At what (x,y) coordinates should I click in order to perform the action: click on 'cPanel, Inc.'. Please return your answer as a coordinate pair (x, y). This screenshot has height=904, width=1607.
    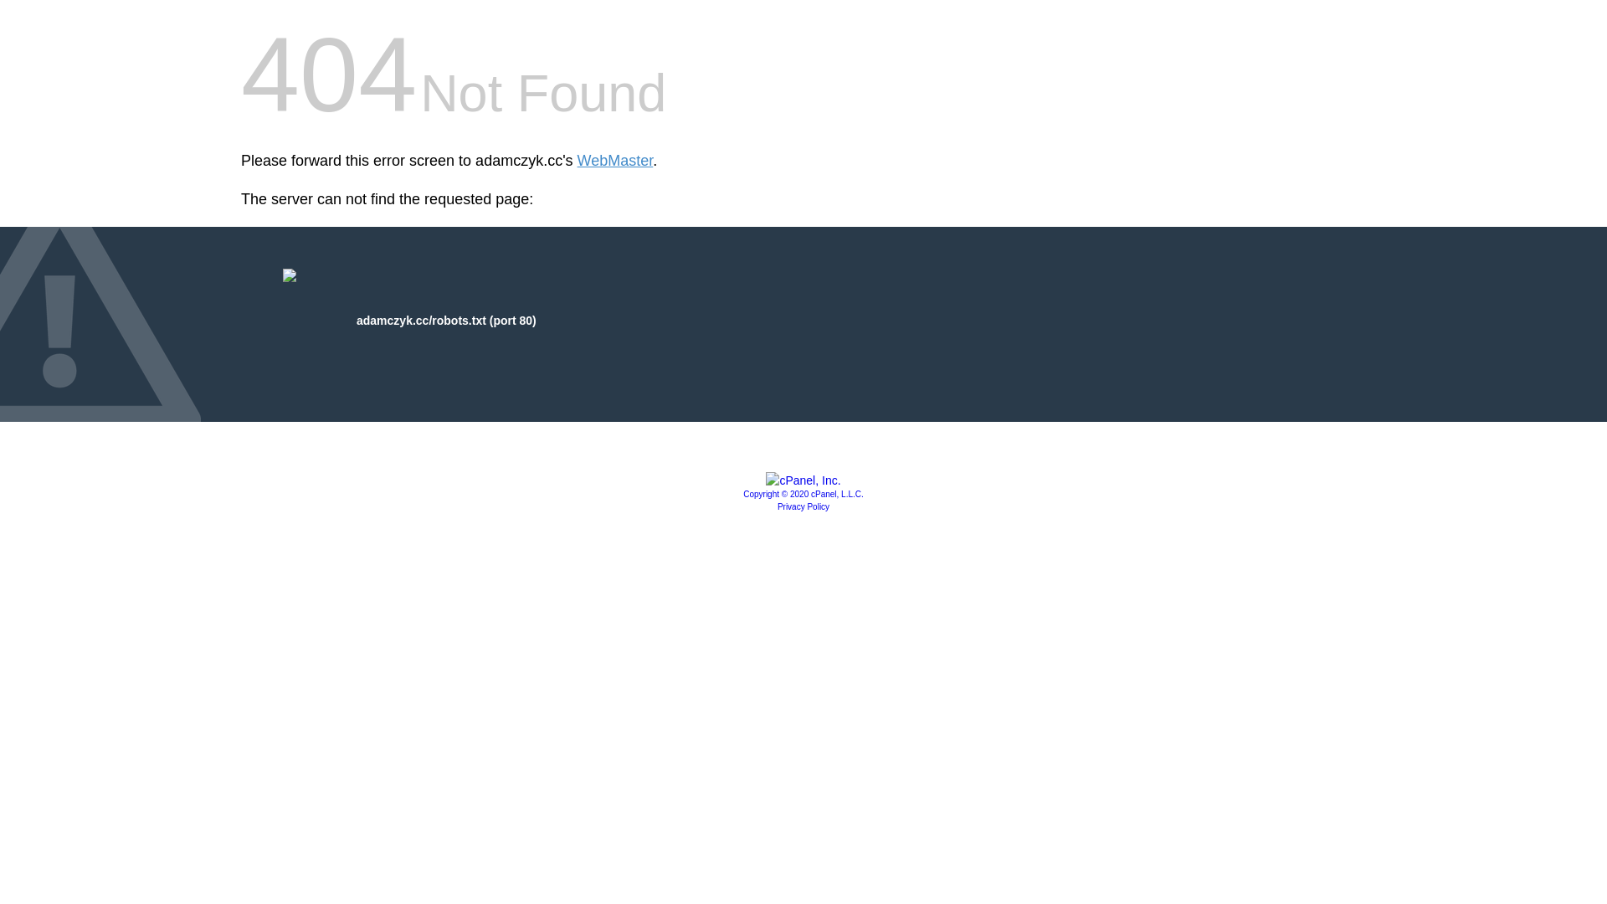
    Looking at the image, I should click on (765, 480).